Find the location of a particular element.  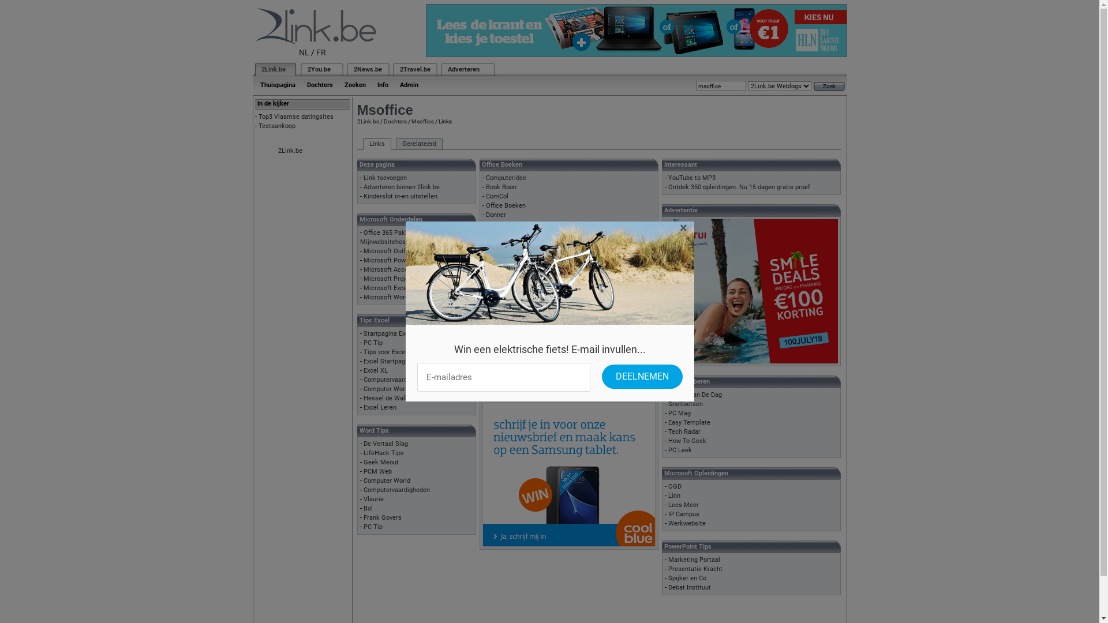

'How To Geek' is located at coordinates (687, 441).